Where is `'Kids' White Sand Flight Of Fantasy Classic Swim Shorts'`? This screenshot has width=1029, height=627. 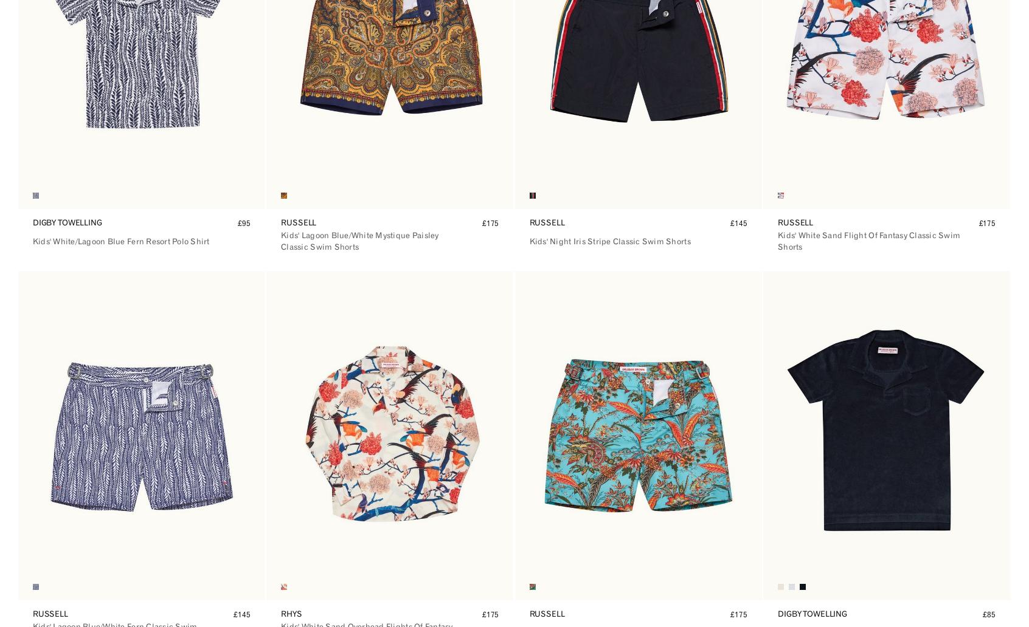 'Kids' White Sand Flight Of Fantasy Classic Swim Shorts' is located at coordinates (868, 240).